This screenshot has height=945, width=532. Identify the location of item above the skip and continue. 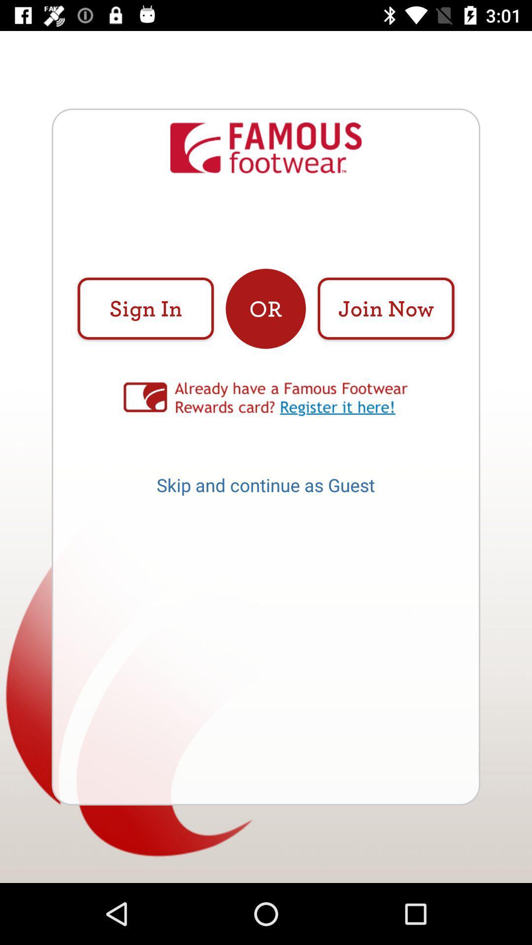
(266, 399).